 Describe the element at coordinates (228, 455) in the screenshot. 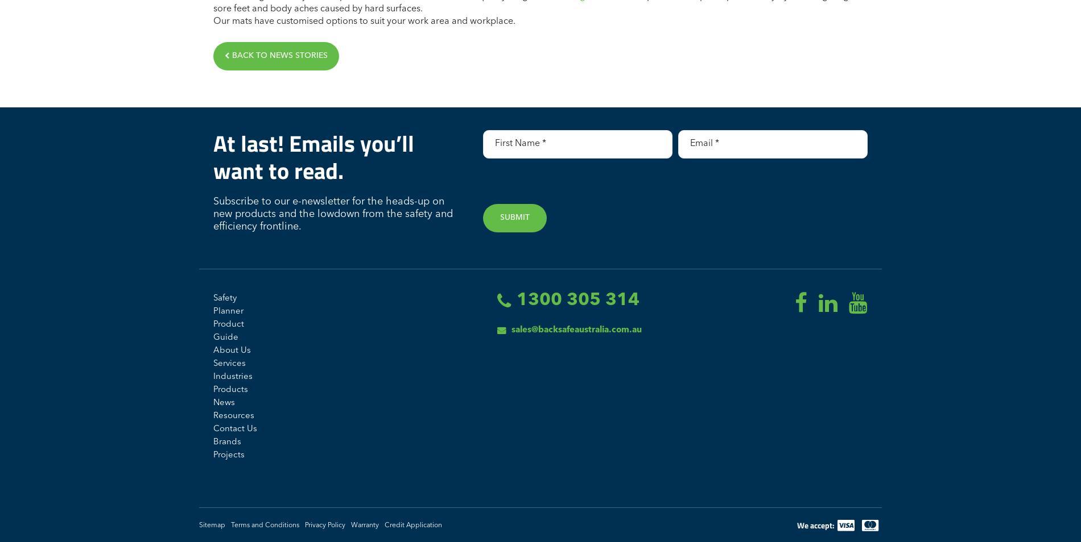

I see `'Projects'` at that location.